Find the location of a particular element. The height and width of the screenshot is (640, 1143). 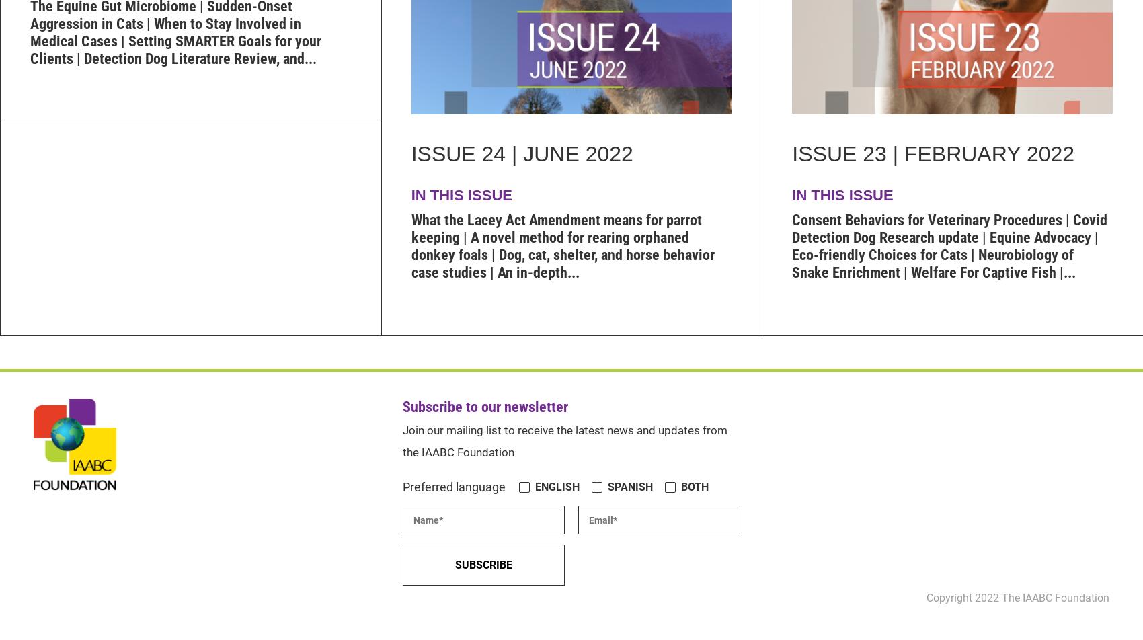

'Issue 23 | February 2022' is located at coordinates (933, 153).